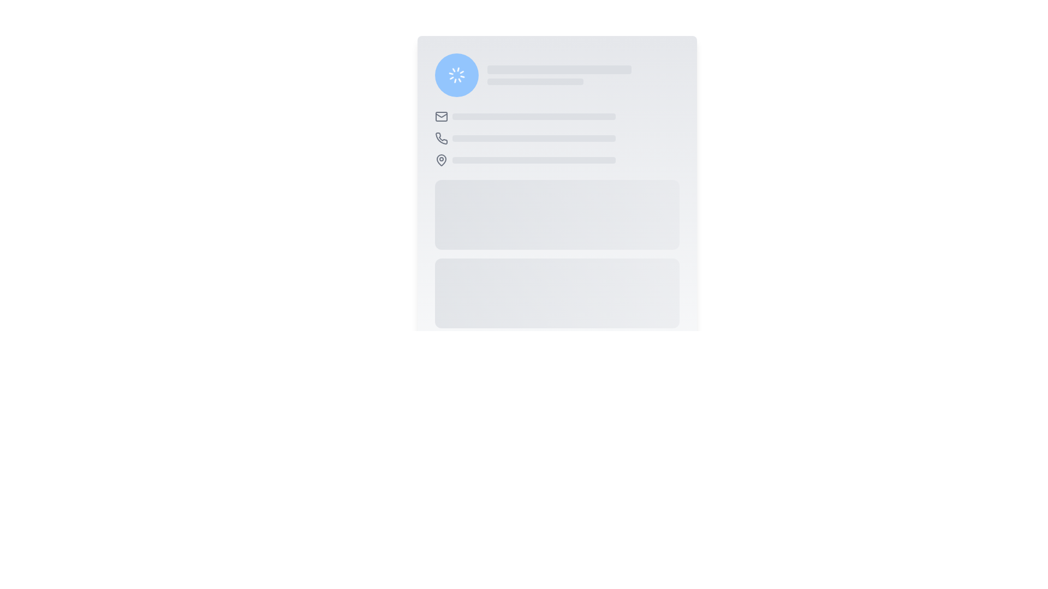 The image size is (1048, 589). What do you see at coordinates (441, 116) in the screenshot?
I see `light gray rectangular element that forms the body of the envelope icon for debugging purposes` at bounding box center [441, 116].